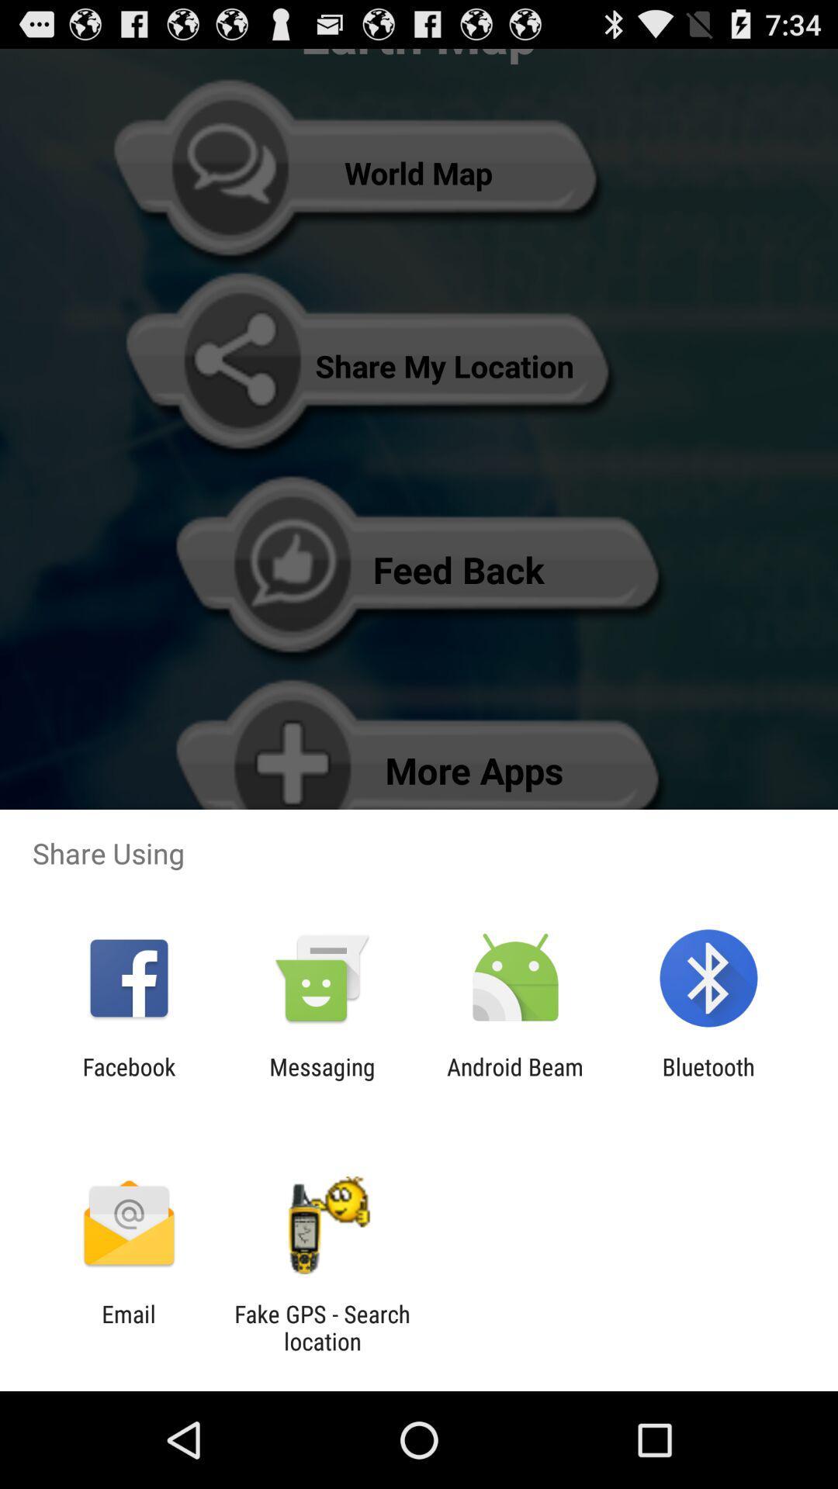  I want to click on the fake gps search item, so click(321, 1327).